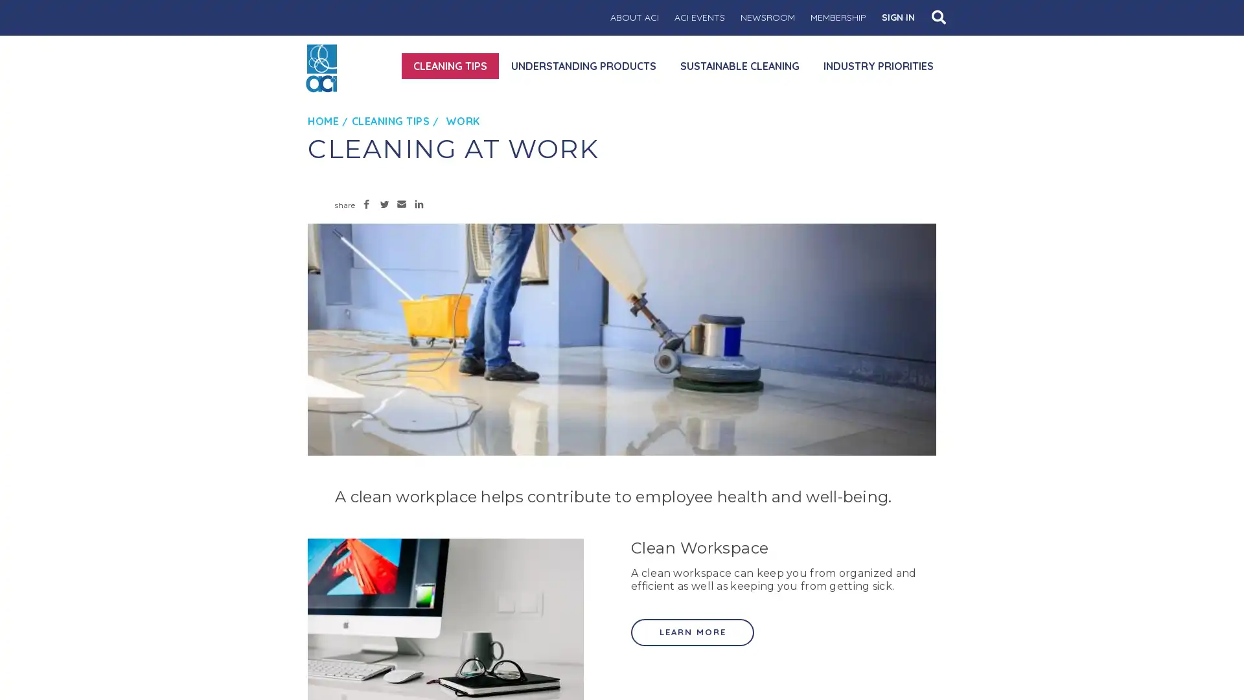 Image resolution: width=1244 pixels, height=700 pixels. I want to click on Share to Twitter, so click(381, 204).